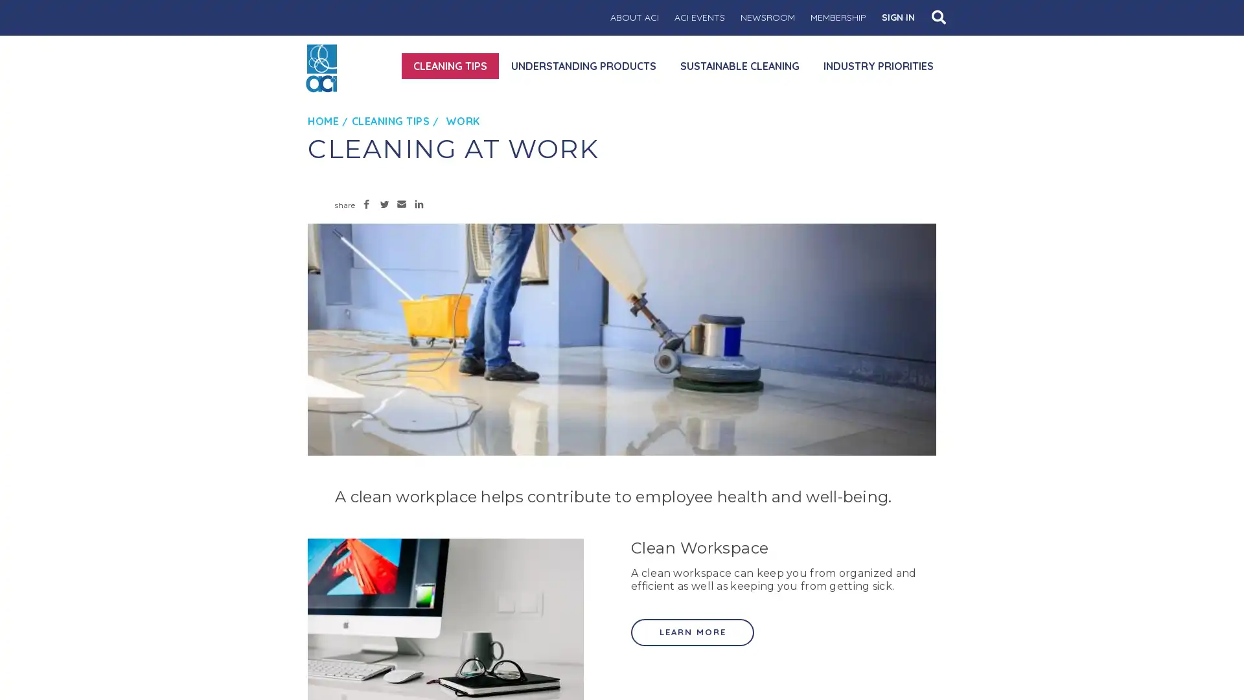 Image resolution: width=1244 pixels, height=700 pixels. I want to click on Share to Twitter, so click(381, 204).